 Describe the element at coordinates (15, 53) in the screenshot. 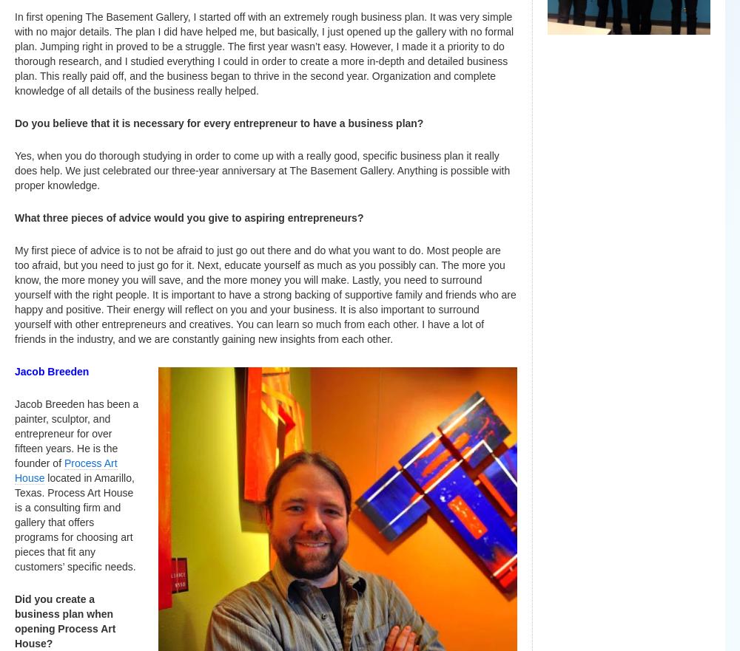

I see `'In first opening The Basement Gallery, I started off with an extremely rough business plan. It was very simple with no major details. The plan I did have helped me, but basically, I just opened up the gallery with no formal plan. Jumping right in proved to be a struggle. The first year wasn’t easy. However, I made it a priority to do thorough research, and I studied everything I could in order to create a more in-depth and detailed business plan. This really paid off, and the business began to thrive in the second year. Organization and complete knowledge of all details of the business really helped.'` at that location.